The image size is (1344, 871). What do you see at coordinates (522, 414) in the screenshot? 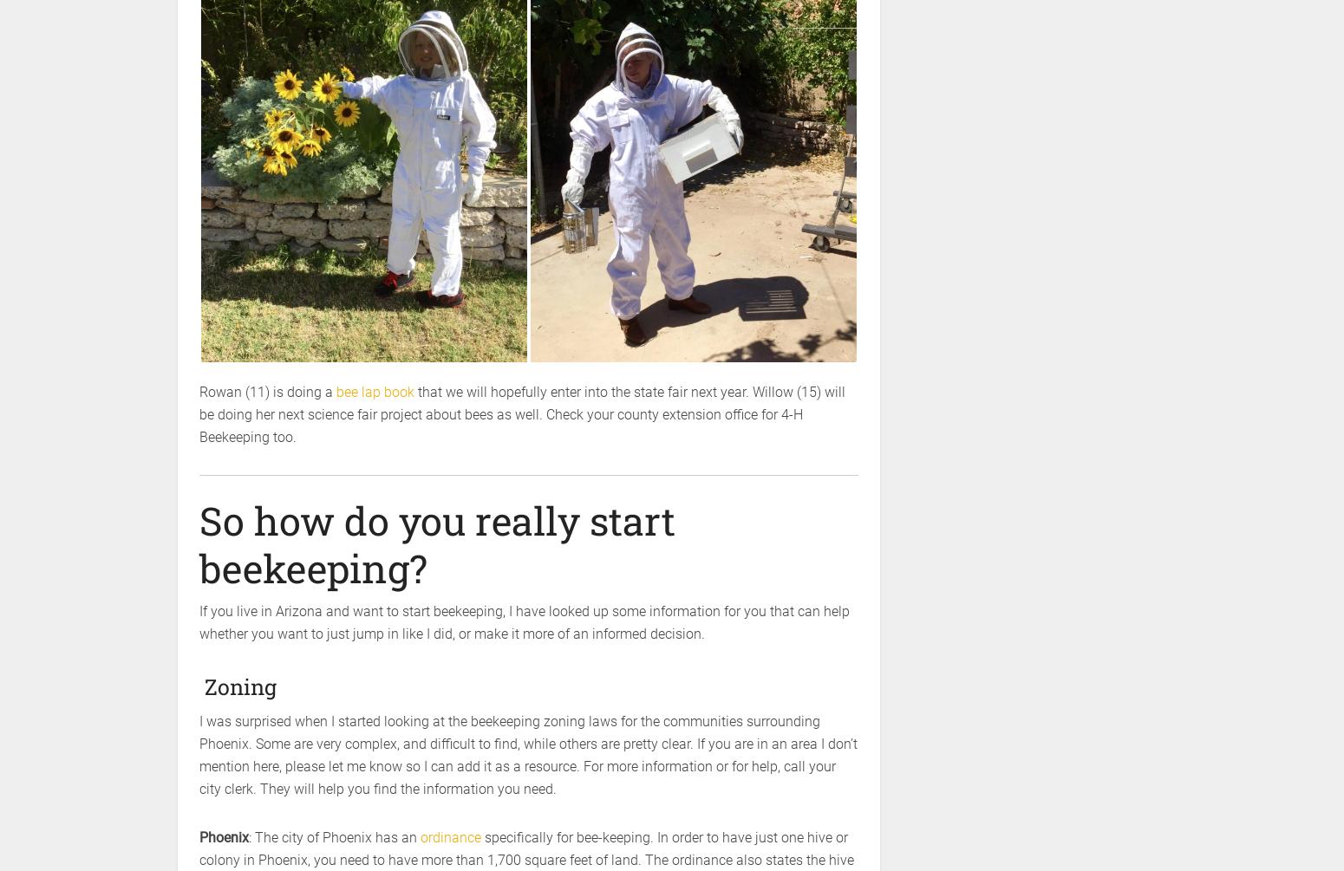
I see `'that we will hopefully enter into the state fair next year. Willow (15) will be doing her next science fair project about bees as well. Check your county extension office for 4-H Beekeeping too.'` at bounding box center [522, 414].